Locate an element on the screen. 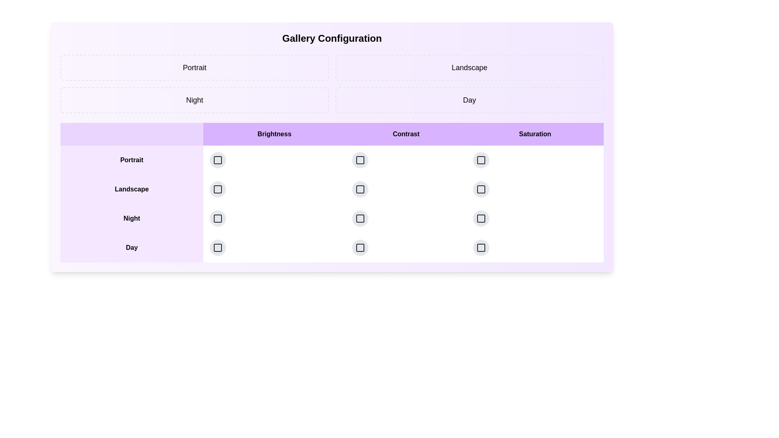 This screenshot has height=438, width=779. the interactive checkbox-like UI component located under the 'Brightness' column and aligned with the 'Portrait' row is located at coordinates (217, 160).